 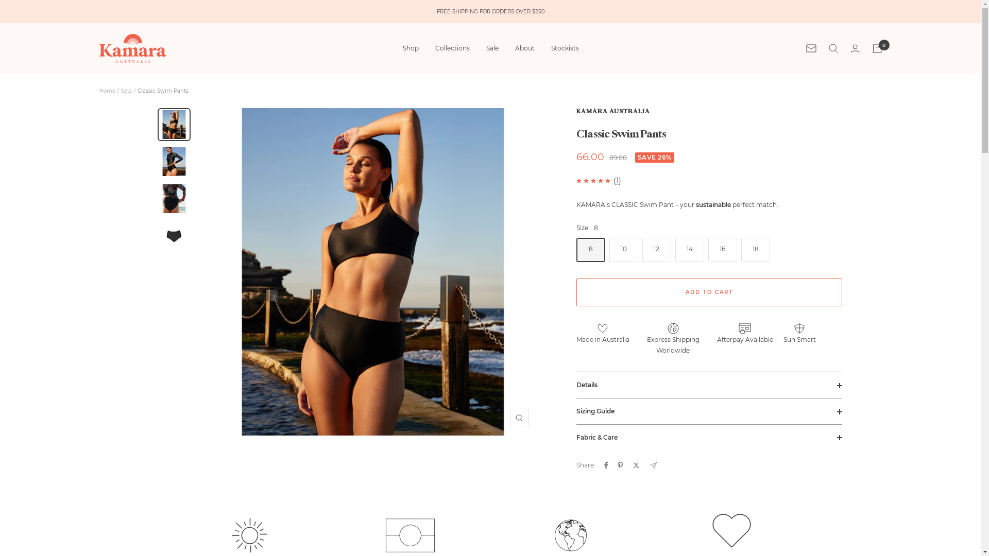 I want to click on 'Collections', so click(x=452, y=48).